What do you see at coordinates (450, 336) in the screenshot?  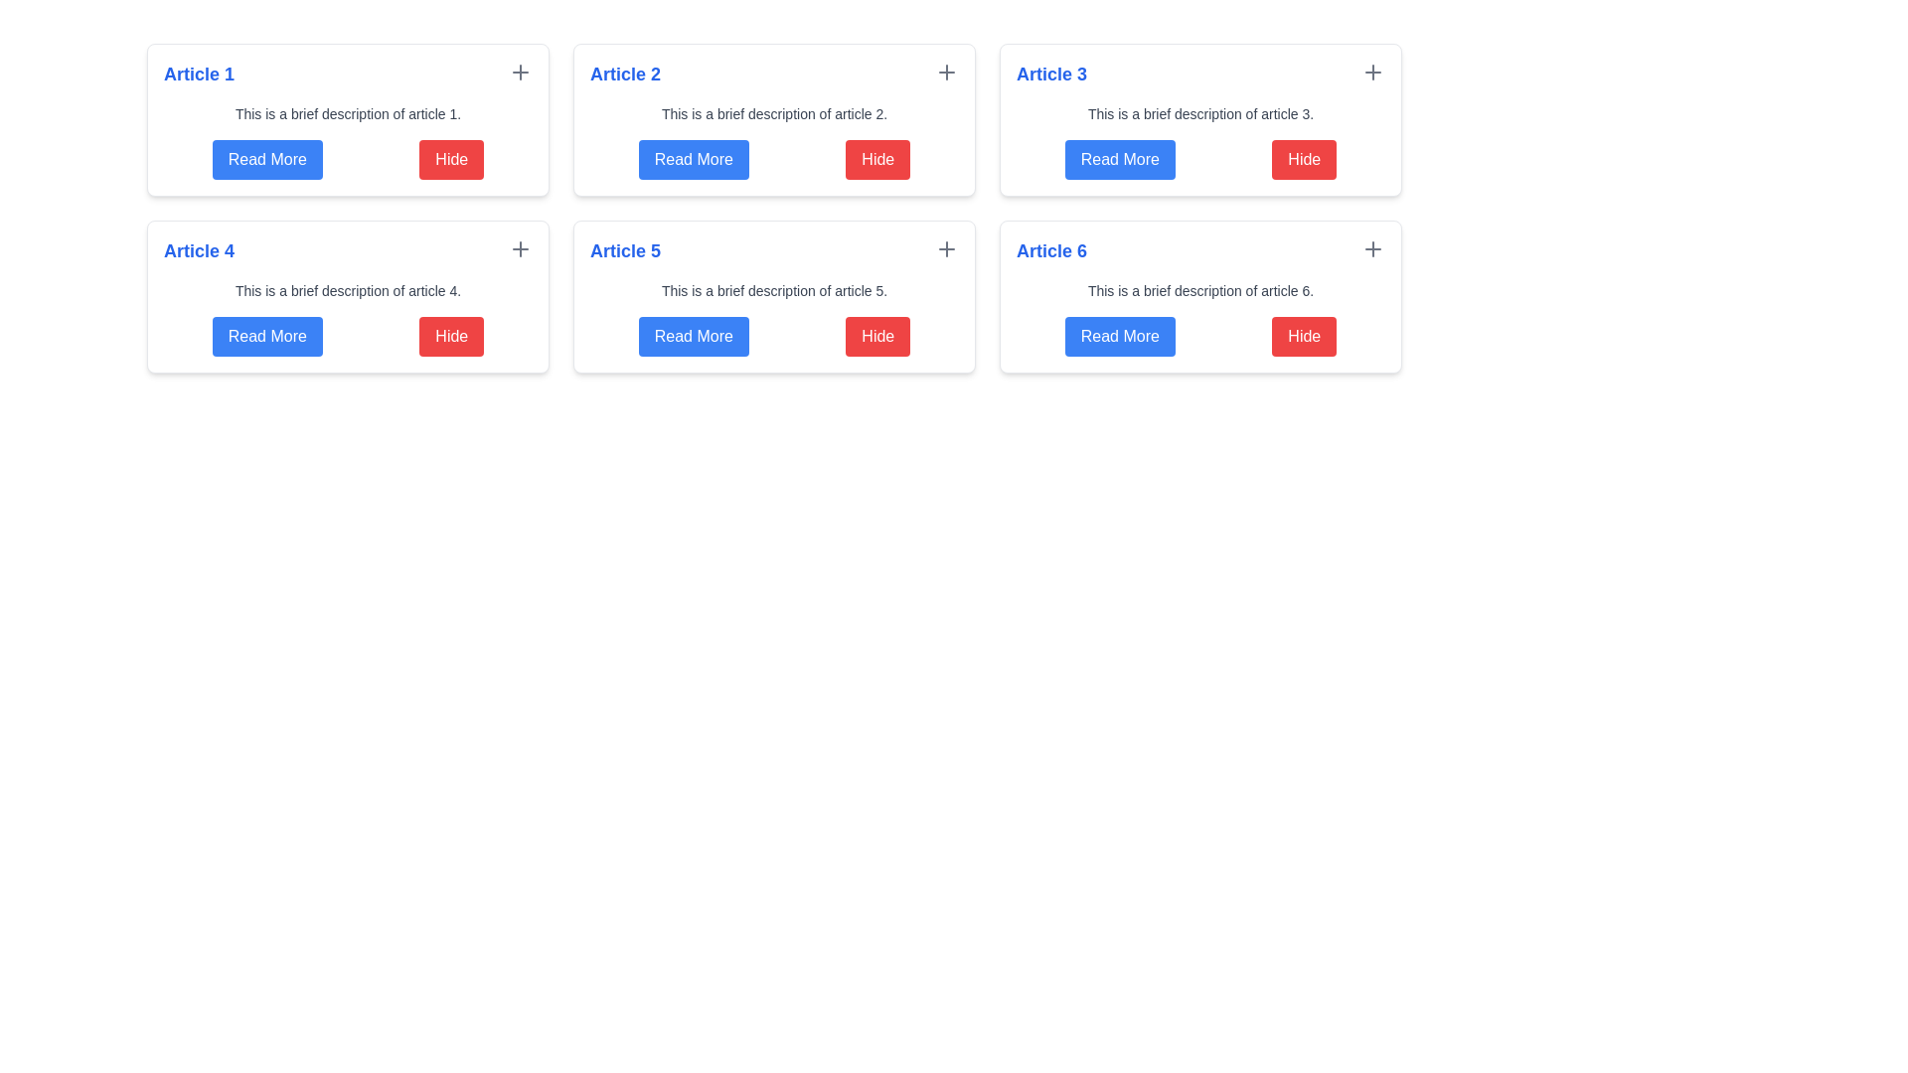 I see `the button located to the right of the 'Read More' button in the article card titled 'Article 4' to change its color to a darker red` at bounding box center [450, 336].